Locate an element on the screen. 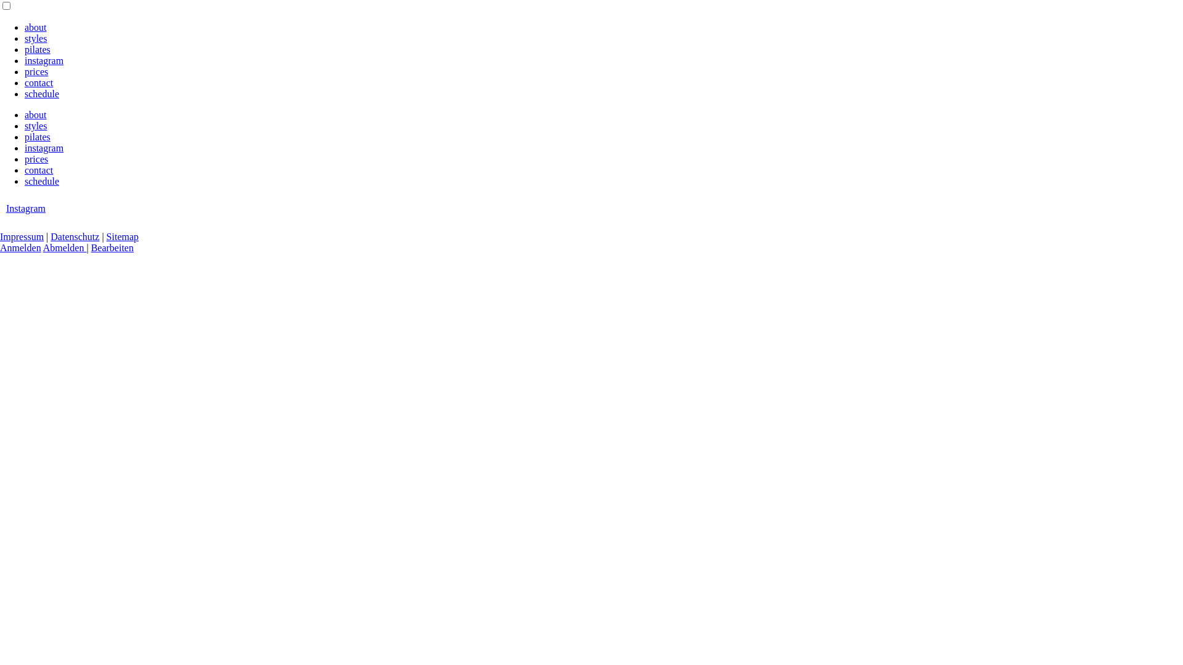  'Instagram' is located at coordinates (26, 208).